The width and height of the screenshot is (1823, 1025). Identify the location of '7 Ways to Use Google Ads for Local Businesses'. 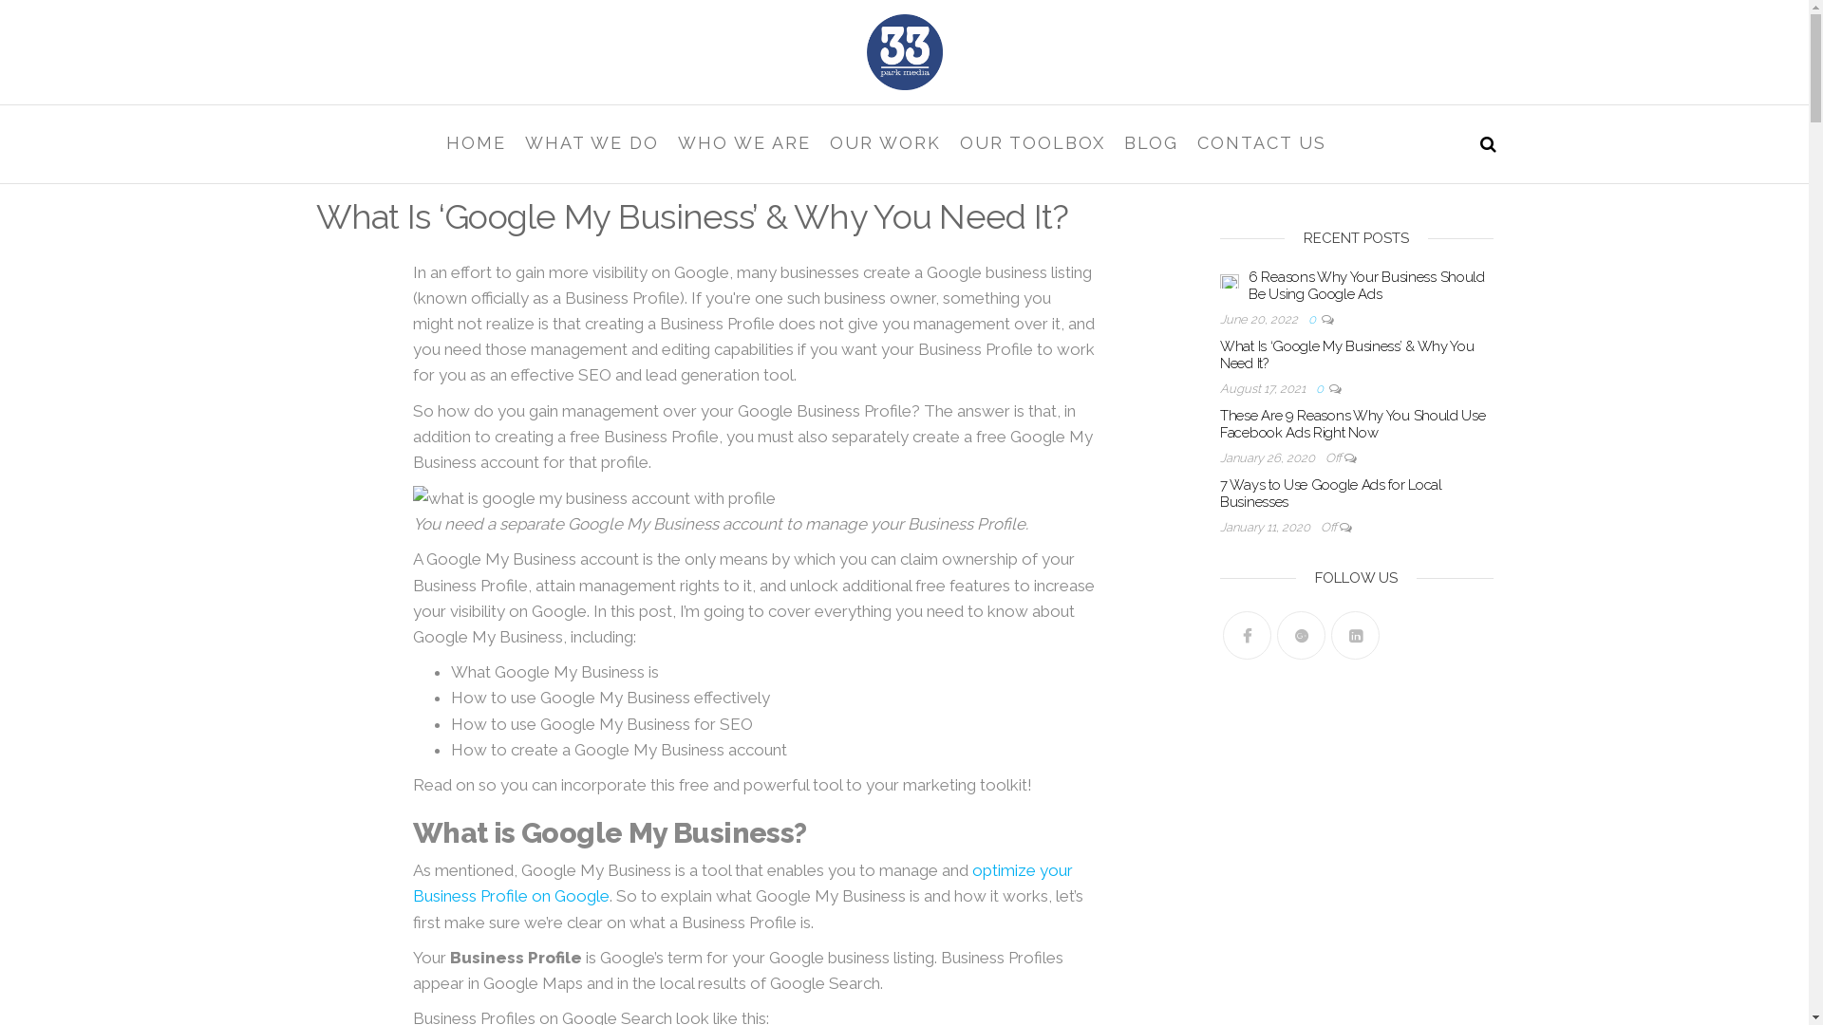
(1329, 493).